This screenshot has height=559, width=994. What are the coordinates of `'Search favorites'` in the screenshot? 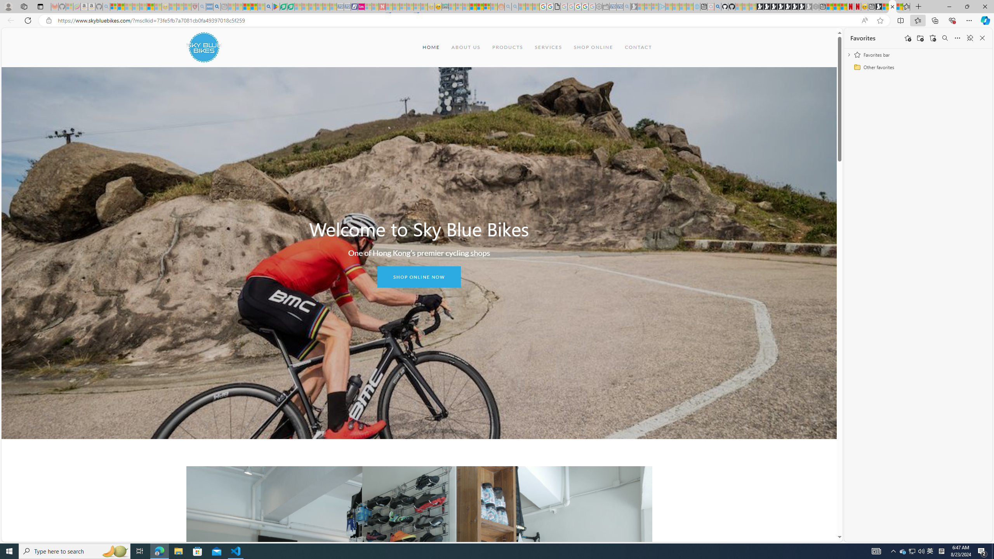 It's located at (945, 37).